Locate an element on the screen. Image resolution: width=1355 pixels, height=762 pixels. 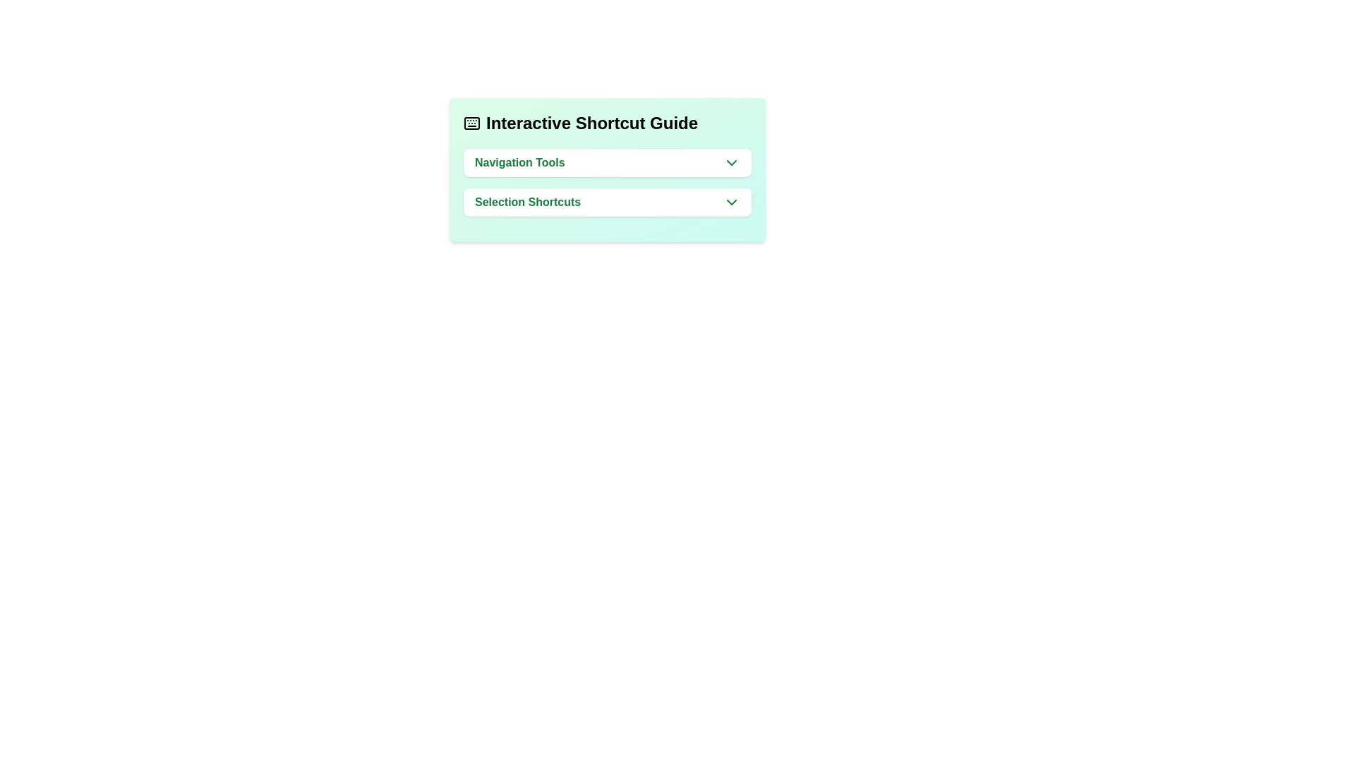
the Chevron Down icon is located at coordinates (731, 162).